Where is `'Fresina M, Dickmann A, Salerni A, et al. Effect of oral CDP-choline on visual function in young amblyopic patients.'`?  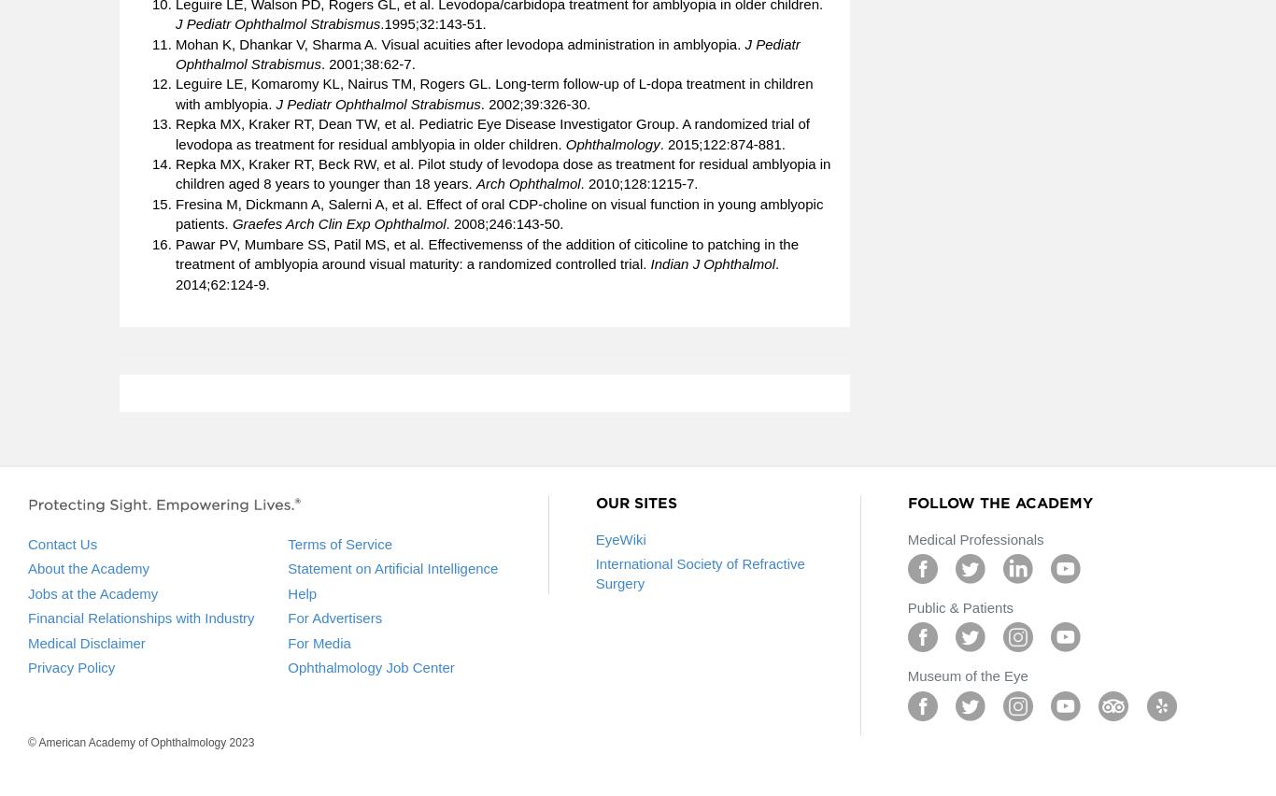 'Fresina M, Dickmann A, Salerni A, et al. Effect of oral CDP-choline on visual function in young amblyopic patients.' is located at coordinates (499, 212).